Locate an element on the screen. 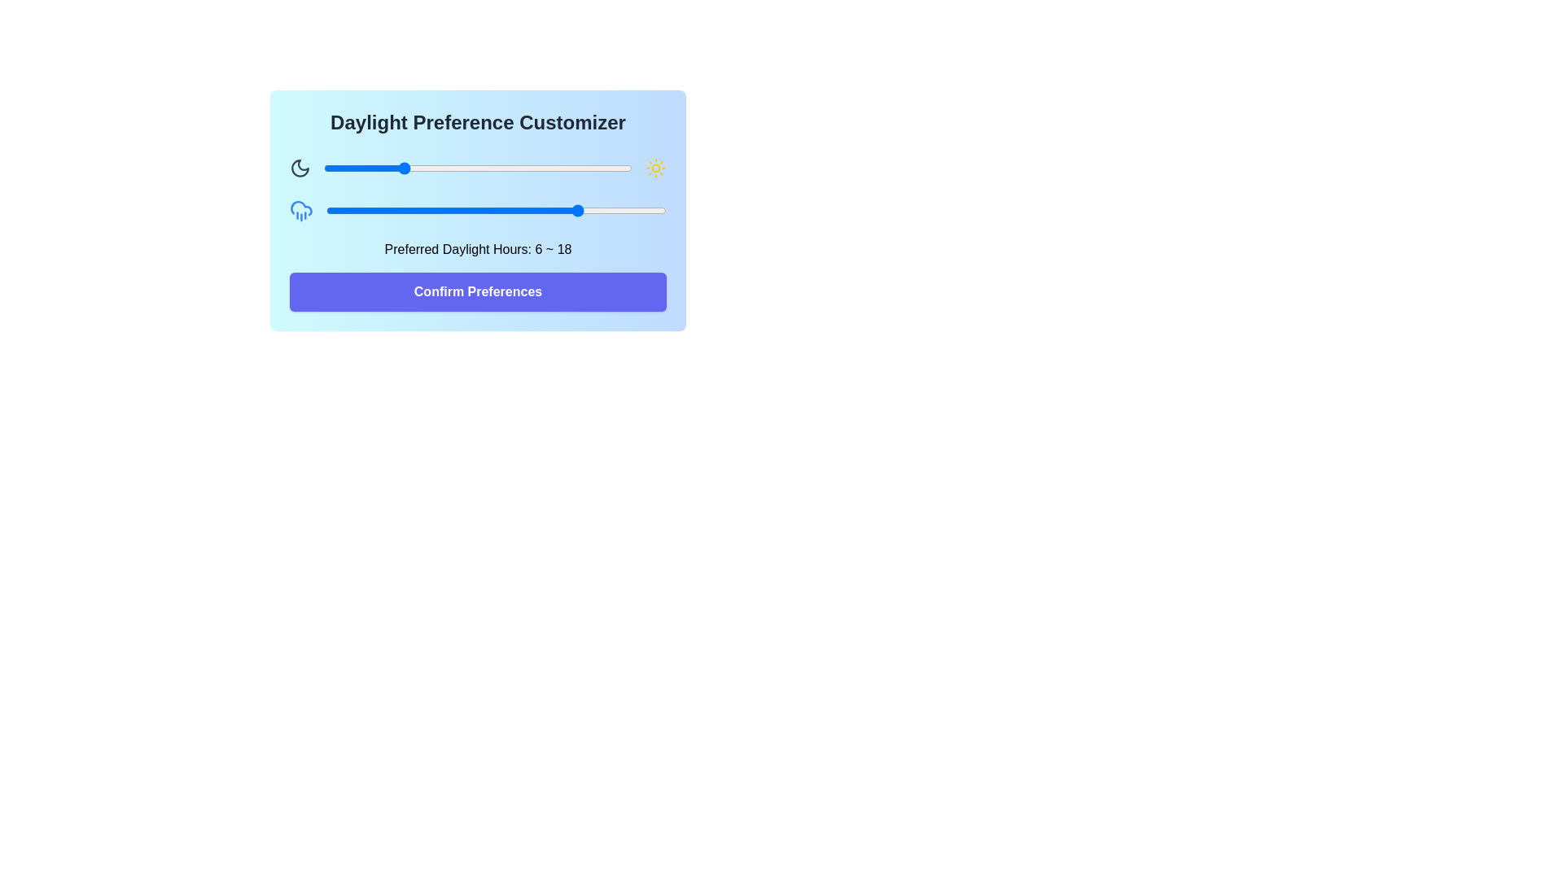  the daylight preference is located at coordinates (339, 209).